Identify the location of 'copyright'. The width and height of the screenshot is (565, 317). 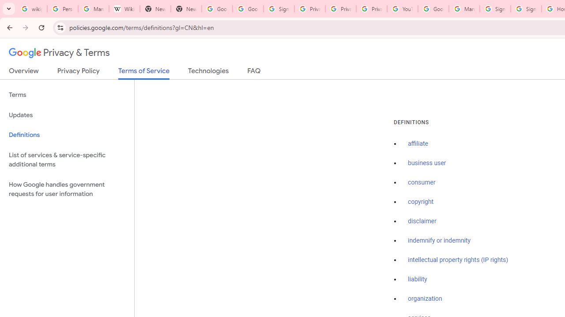
(420, 202).